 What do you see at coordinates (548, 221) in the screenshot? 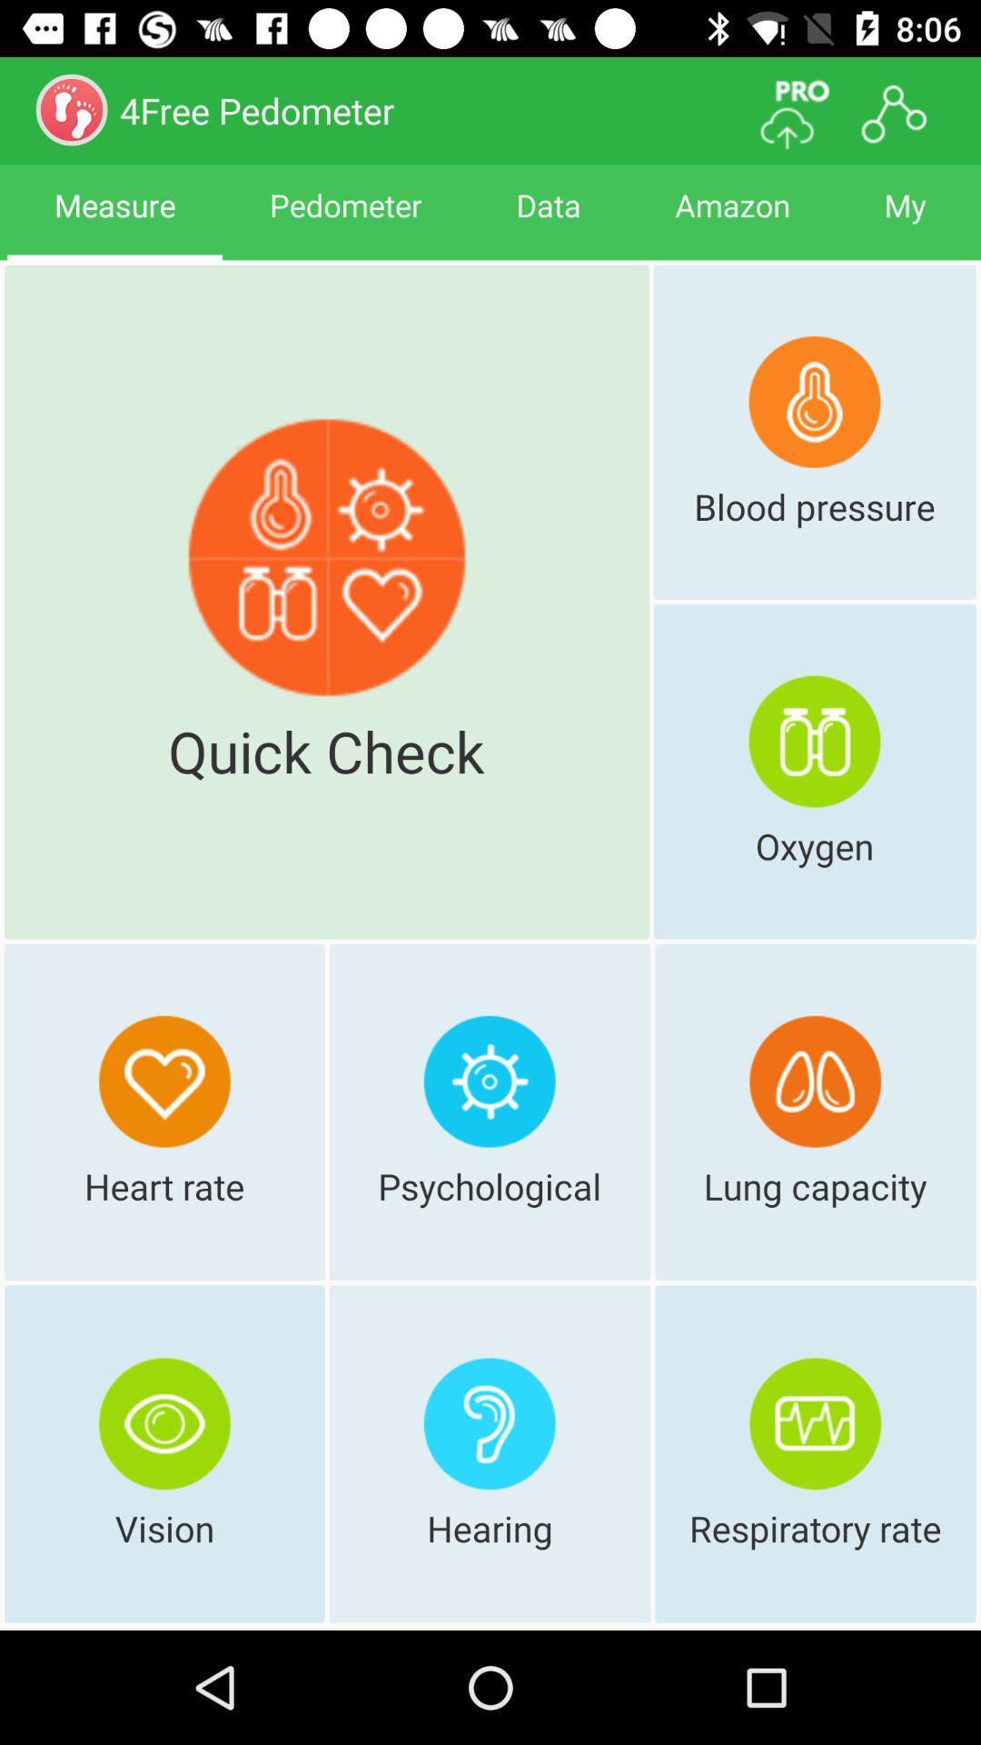
I see `icon to the left of amazon` at bounding box center [548, 221].